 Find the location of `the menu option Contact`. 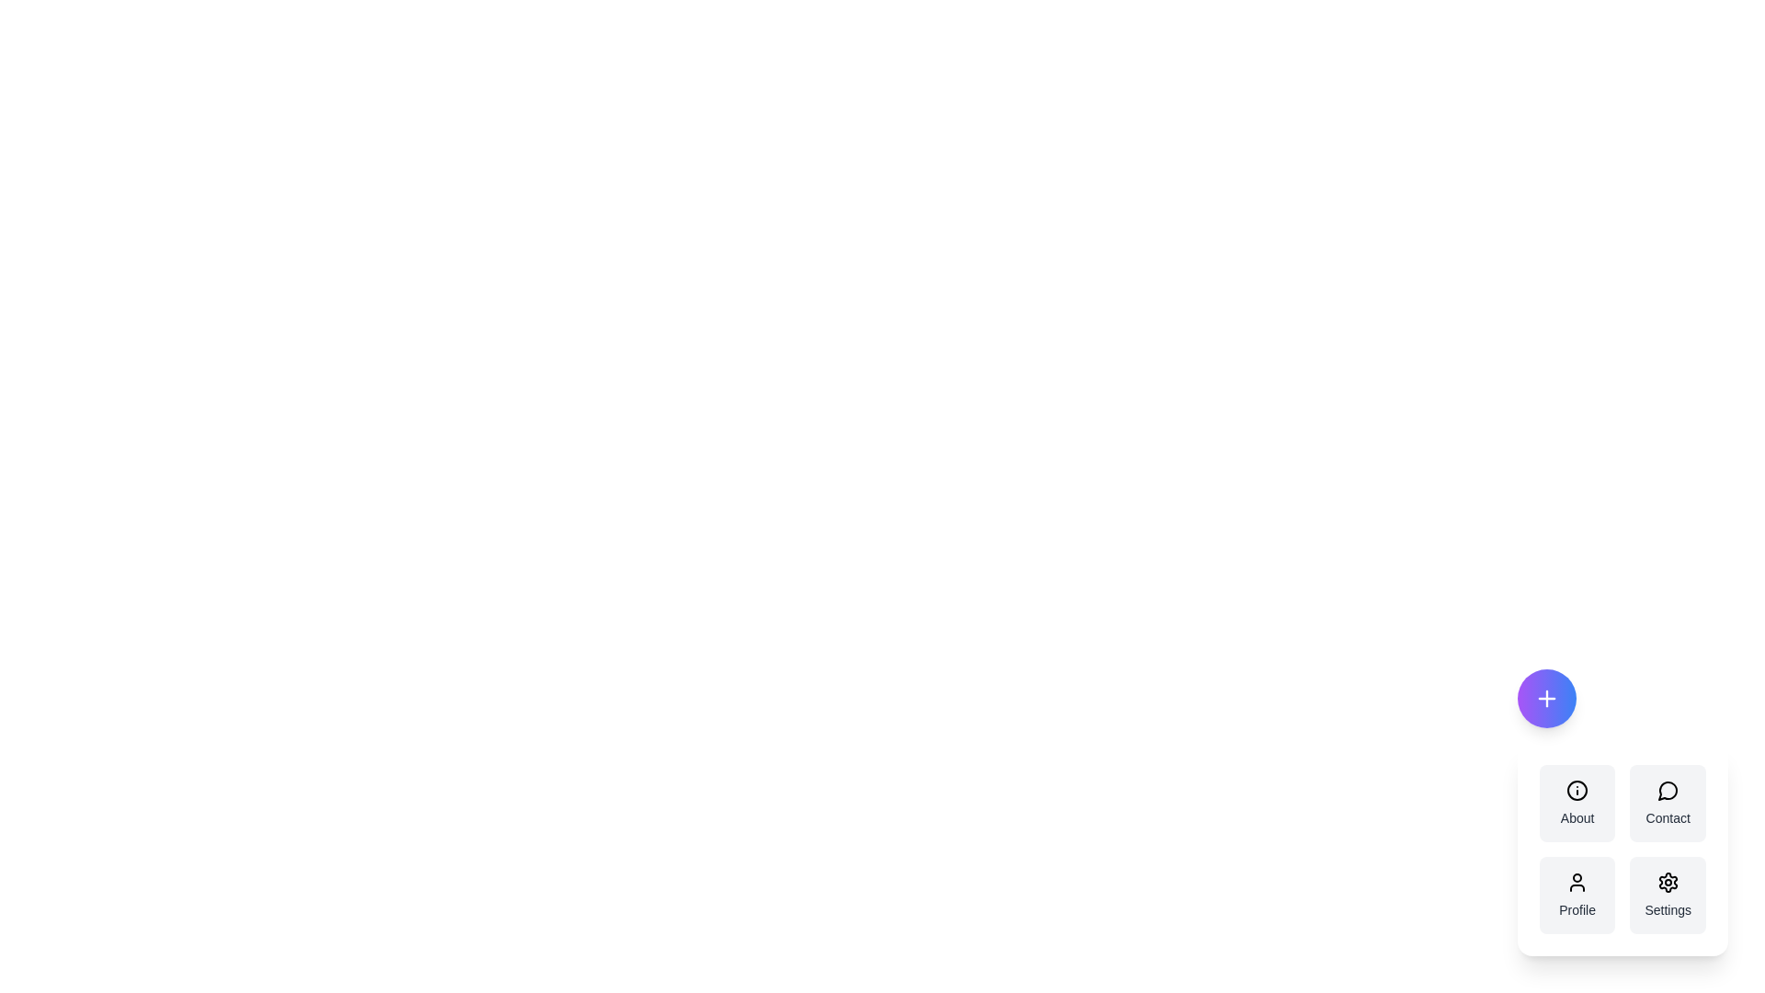

the menu option Contact is located at coordinates (1668, 803).